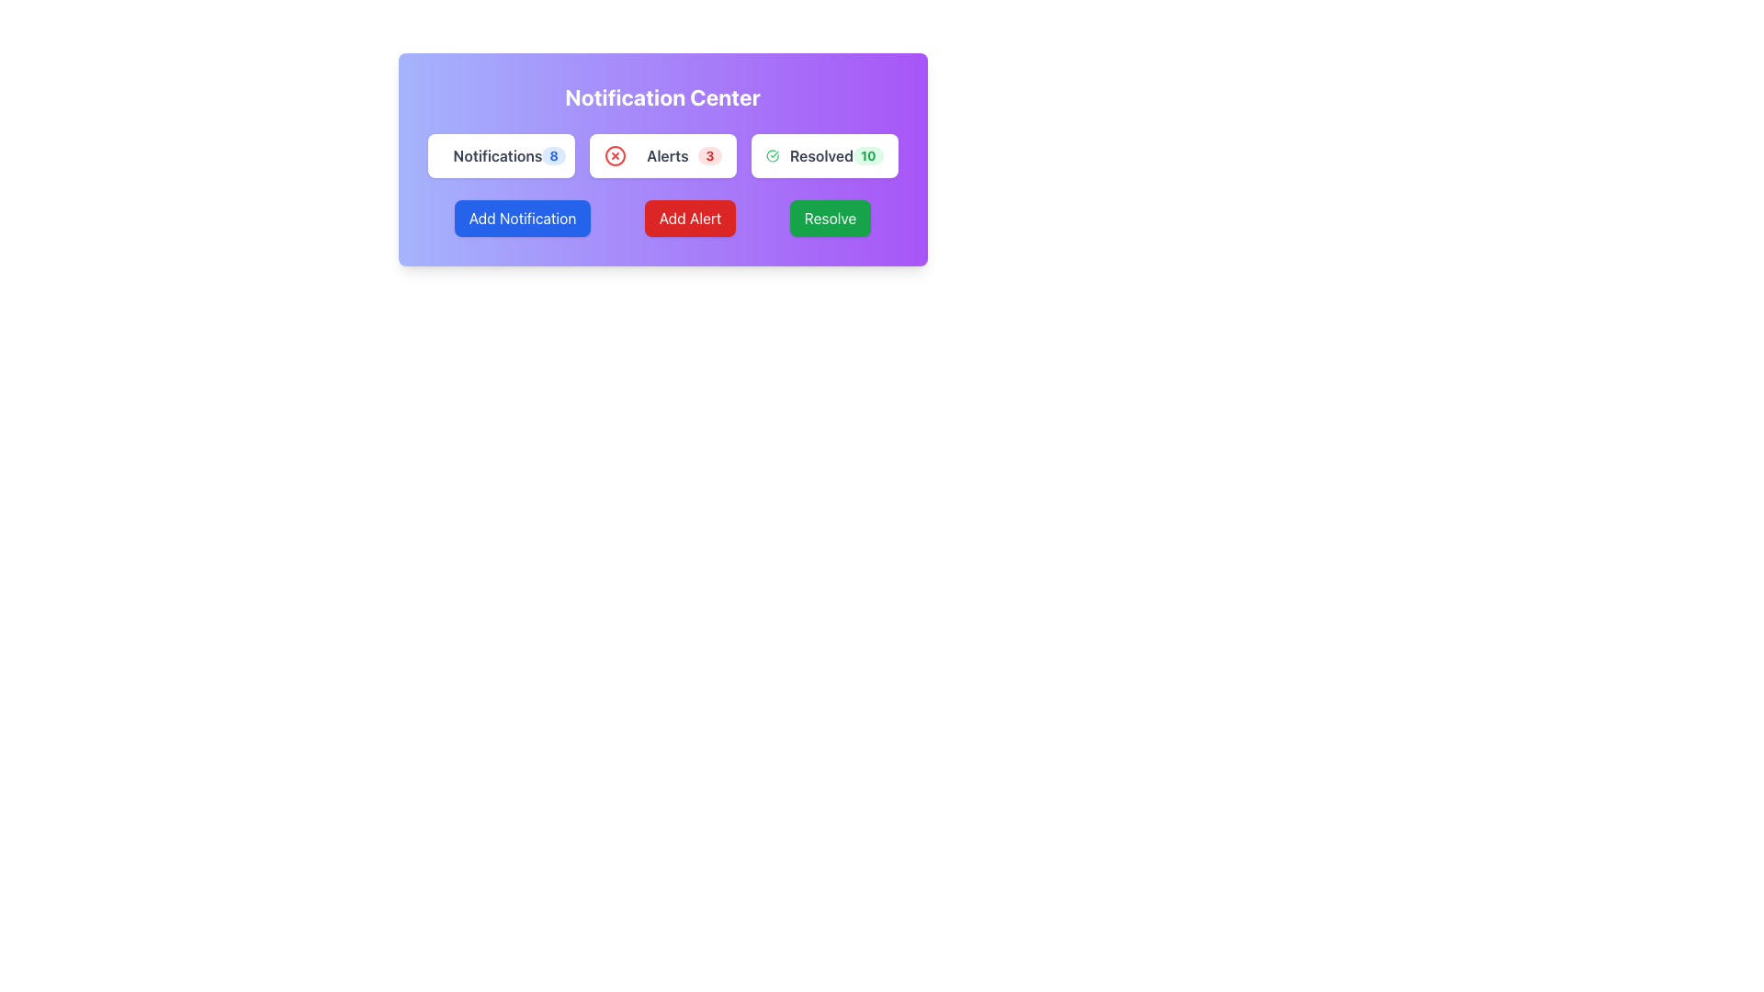  I want to click on the red 'Add Alert' button with white text, so click(689, 218).